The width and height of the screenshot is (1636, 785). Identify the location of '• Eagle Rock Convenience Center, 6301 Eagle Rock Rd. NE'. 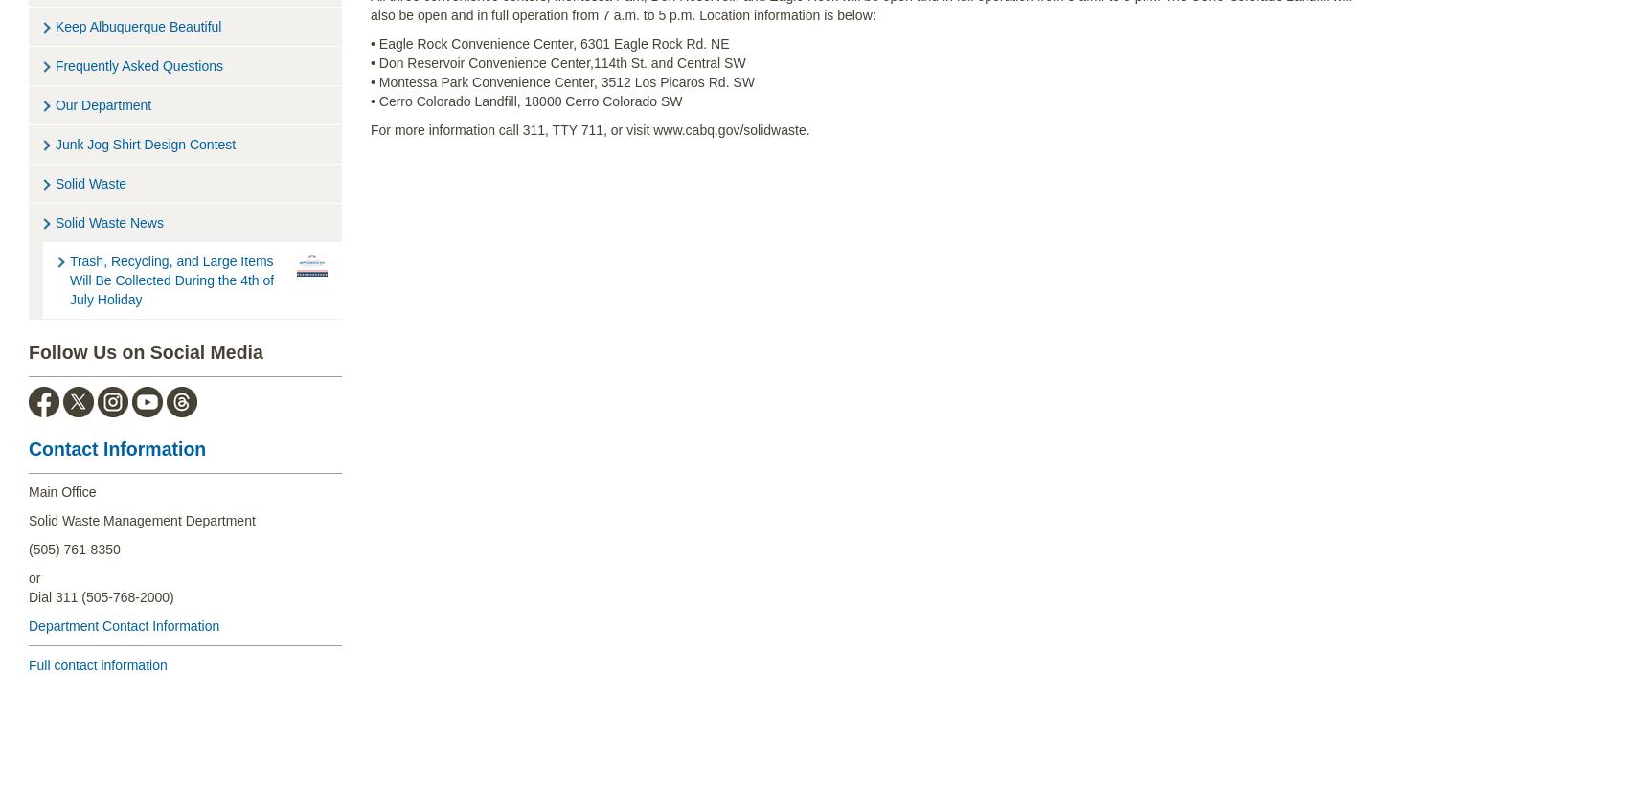
(550, 42).